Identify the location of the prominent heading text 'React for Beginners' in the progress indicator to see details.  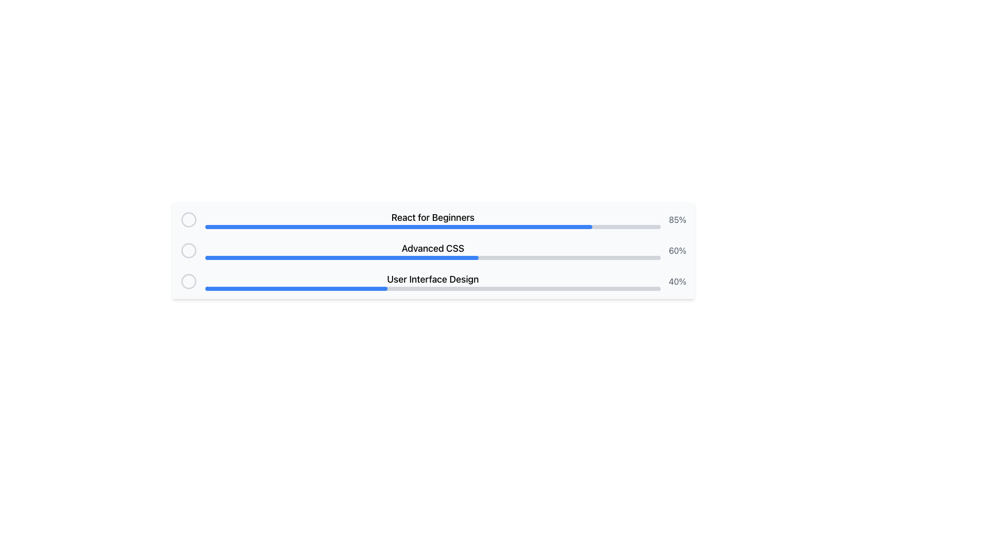
(433, 219).